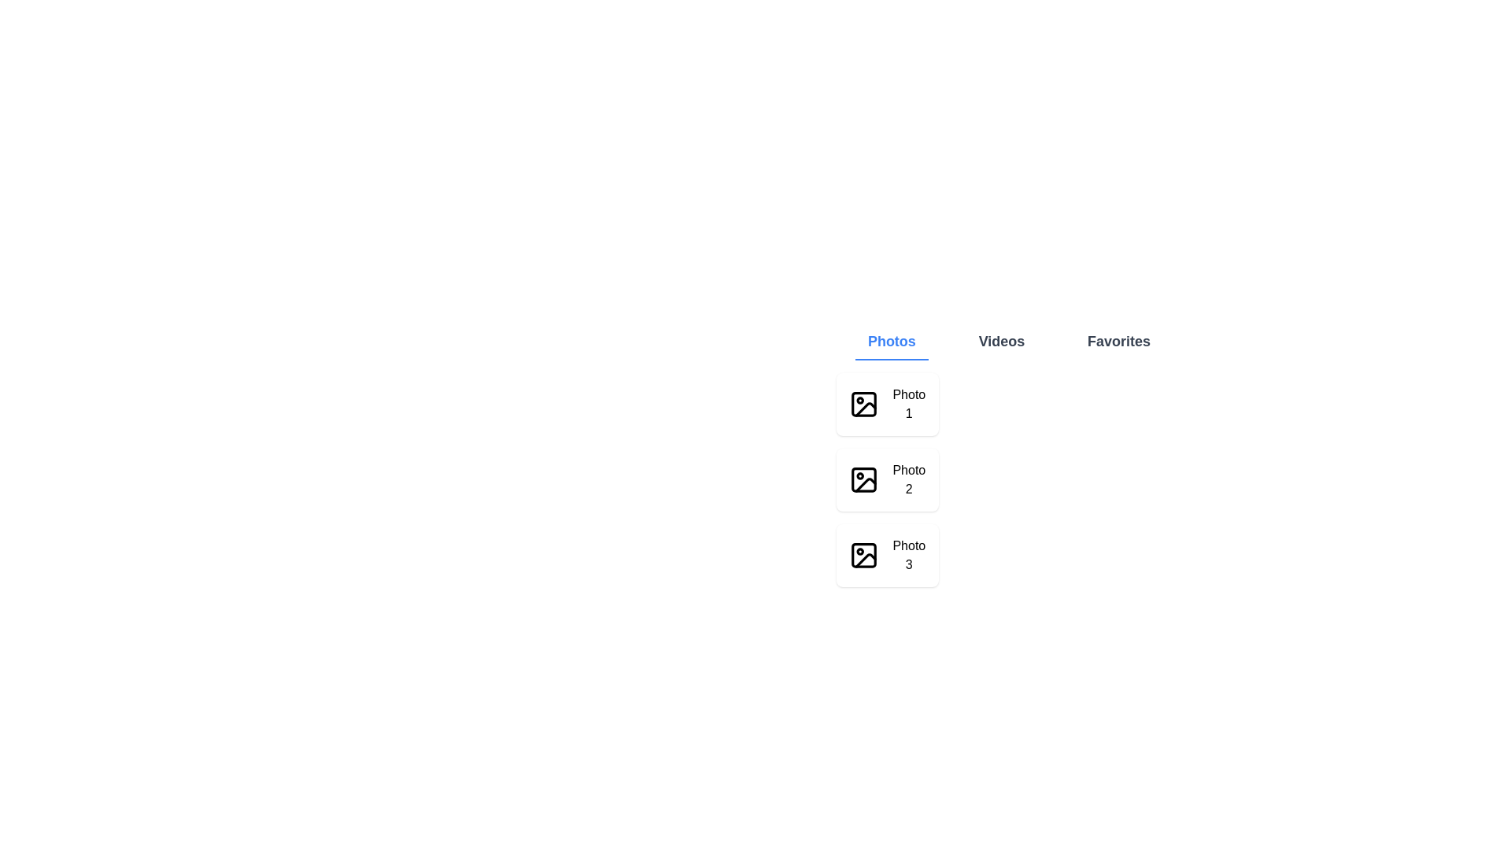 This screenshot has height=850, width=1511. I want to click on the 'Photo 3' text label in the gallery list, so click(909, 554).